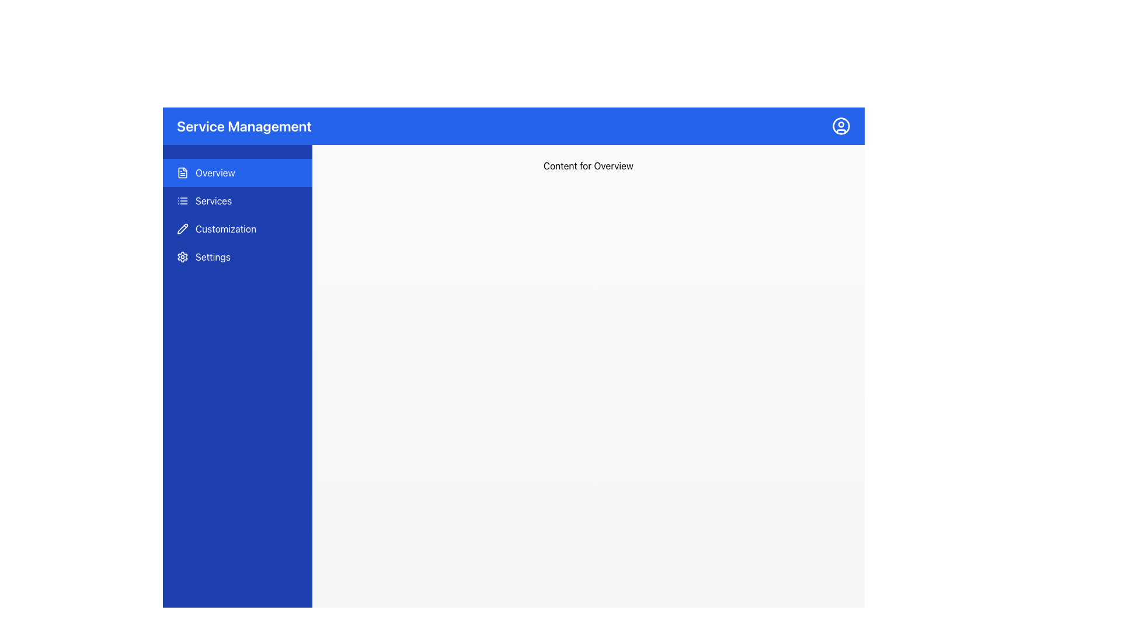 The width and height of the screenshot is (1121, 631). I want to click on the document file icon with a blue background labeled 'Overview' in the navigation menu to trigger animations or effects, so click(182, 173).